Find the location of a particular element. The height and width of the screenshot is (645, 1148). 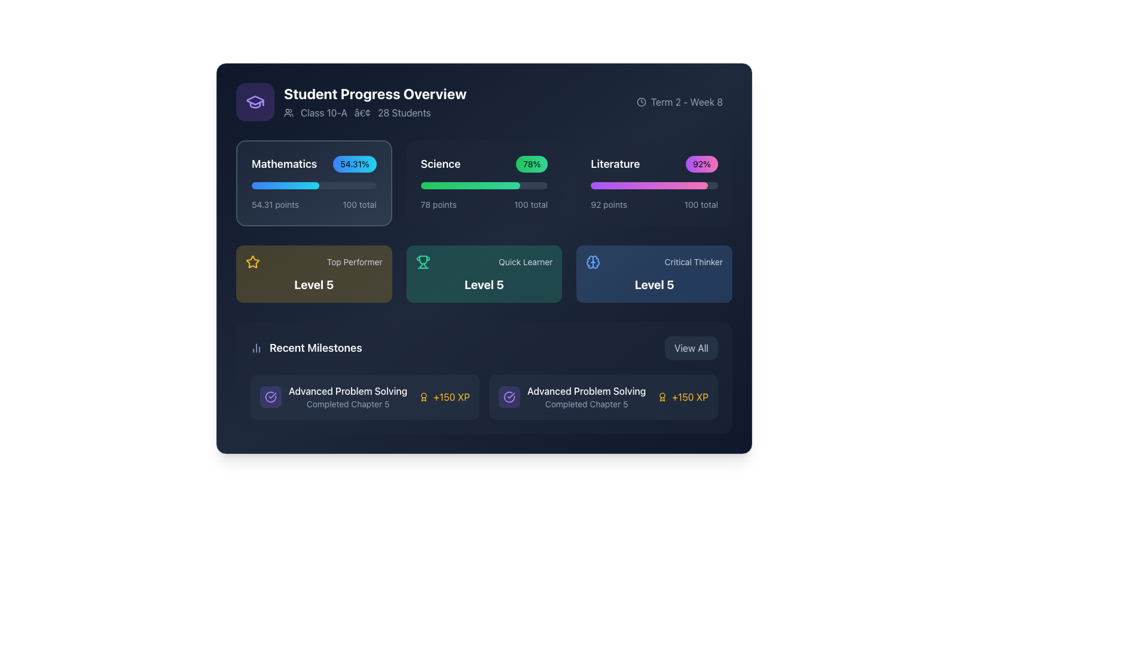

displayed text 'Mathematics' and '54.31%' from the first card in the 'Student Progress Overview' section, which is styled with a bold white font and a rounded rectangle background transitioning from blue to cyan is located at coordinates (314, 164).